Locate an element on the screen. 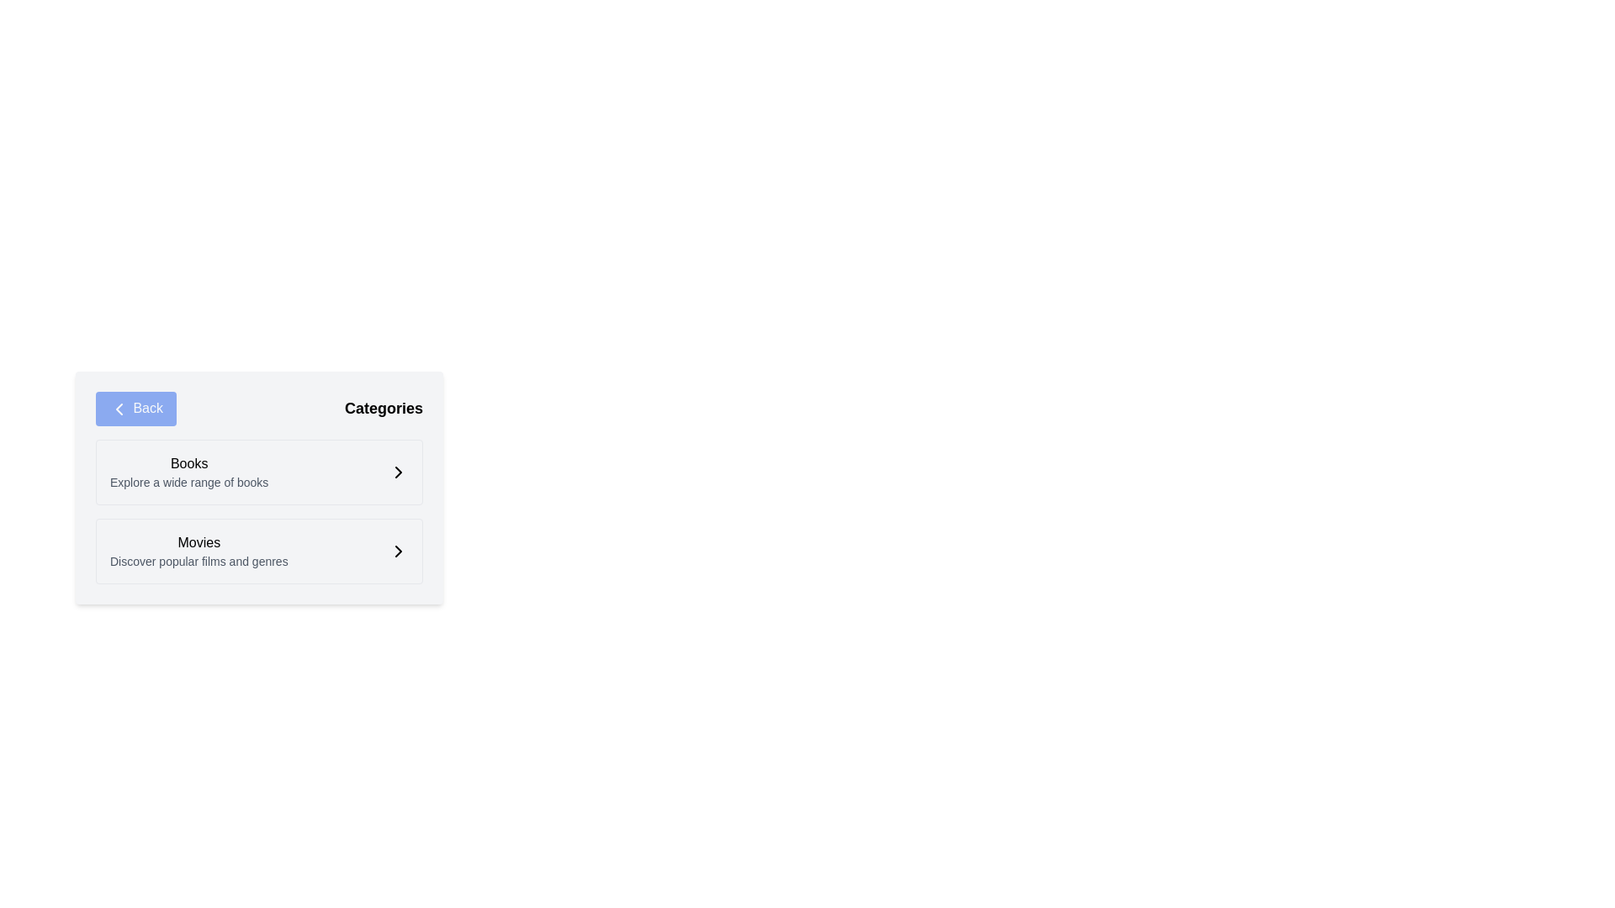  the first selectable item in the categories list, which is located below the 'Back' button and the title 'Categories' is located at coordinates (258, 488).